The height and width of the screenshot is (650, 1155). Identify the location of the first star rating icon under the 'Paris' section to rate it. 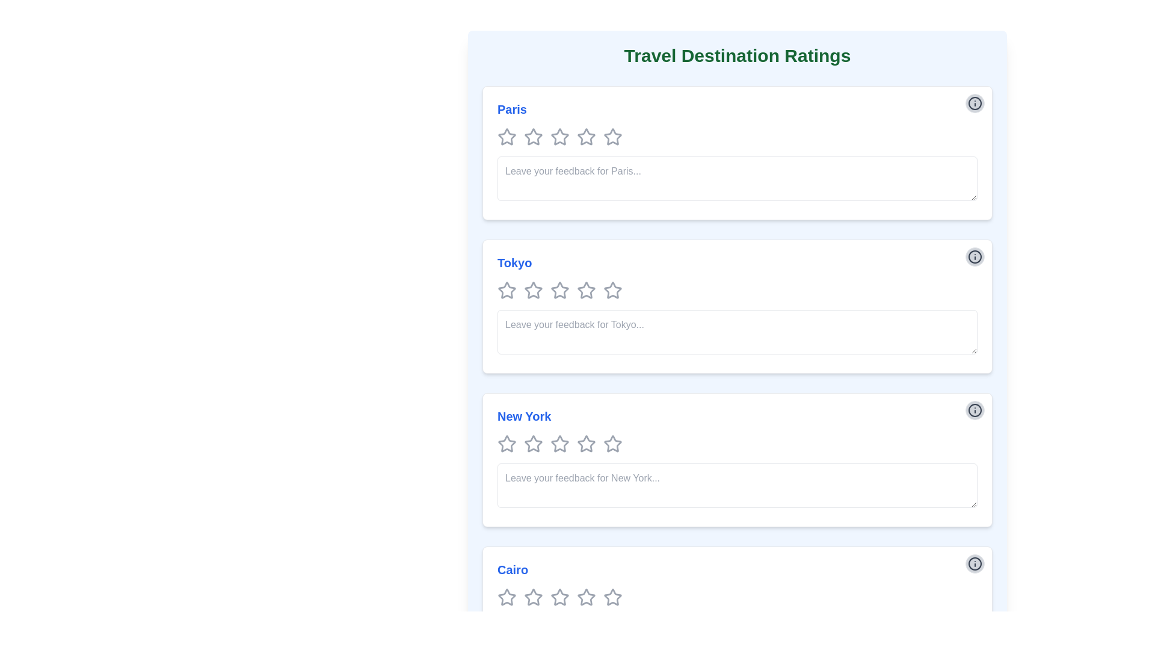
(507, 136).